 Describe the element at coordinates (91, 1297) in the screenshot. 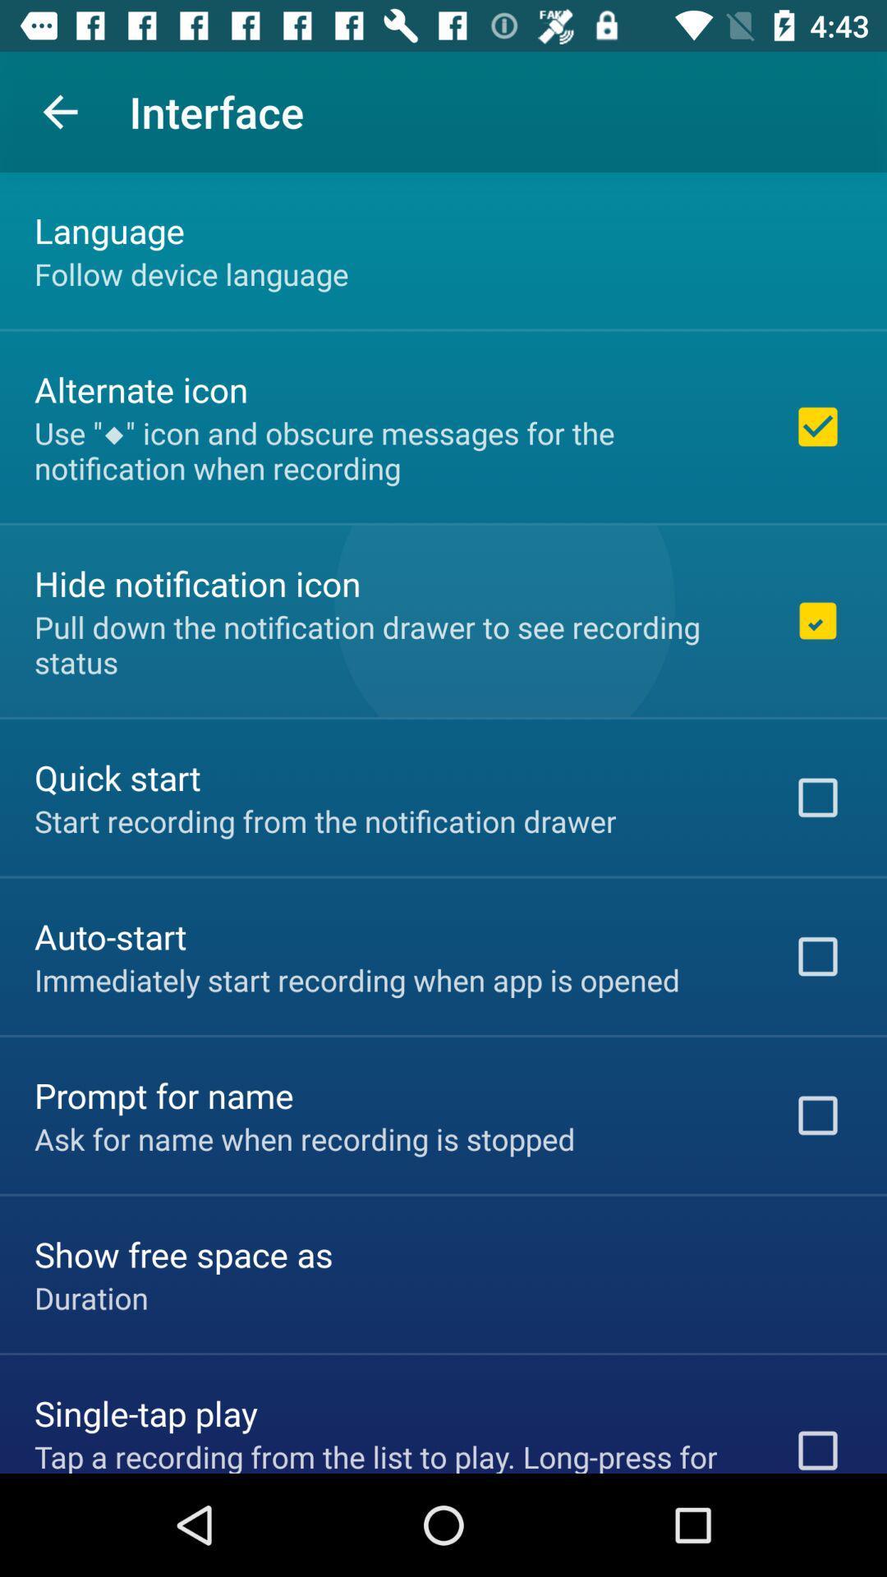

I see `the duration` at that location.